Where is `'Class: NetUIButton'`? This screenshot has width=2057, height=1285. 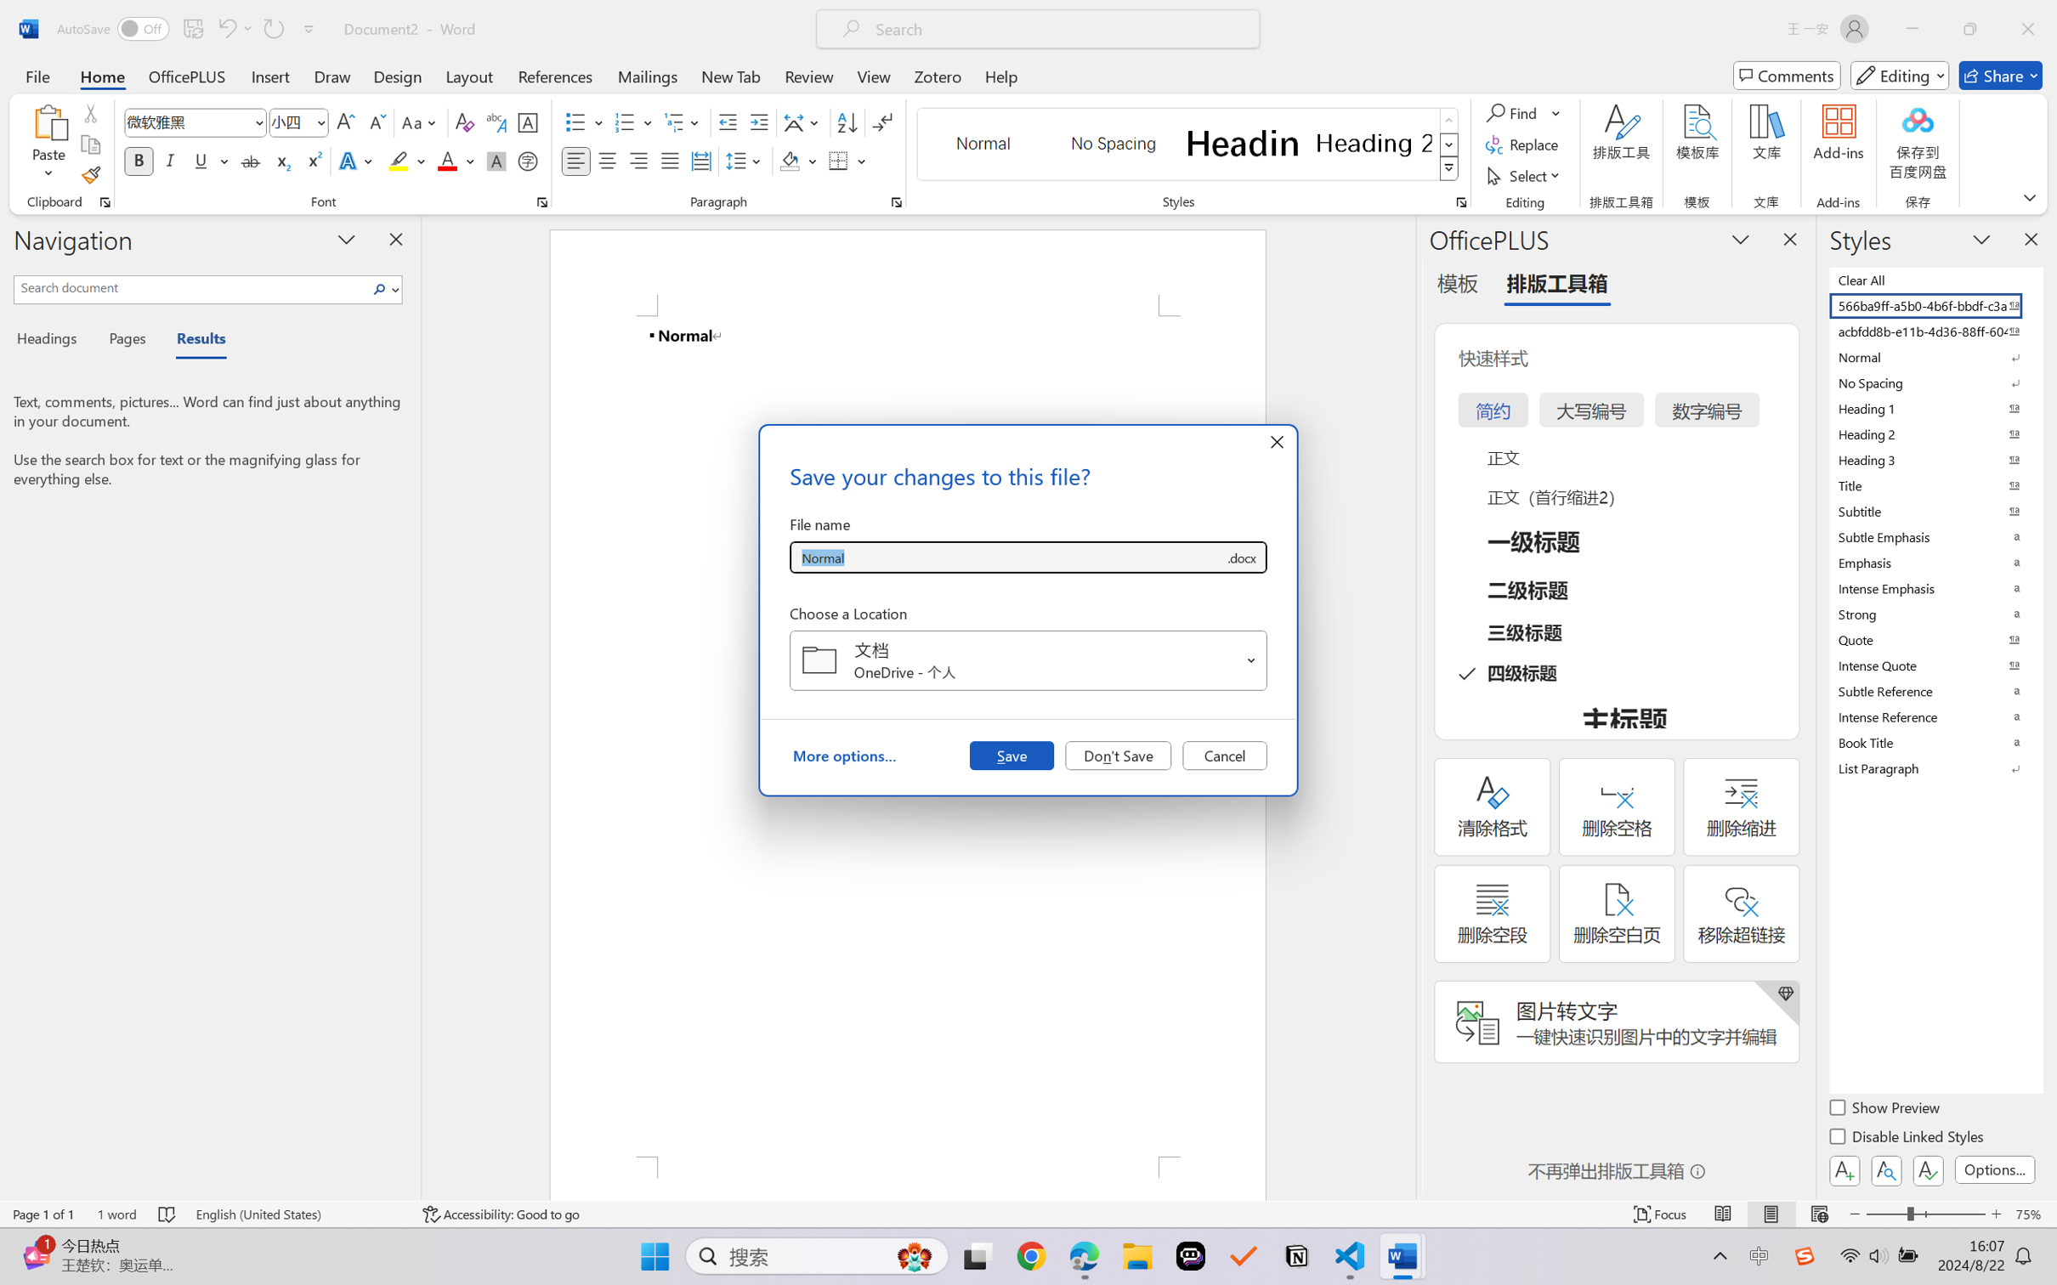 'Class: NetUIButton' is located at coordinates (1929, 1169).